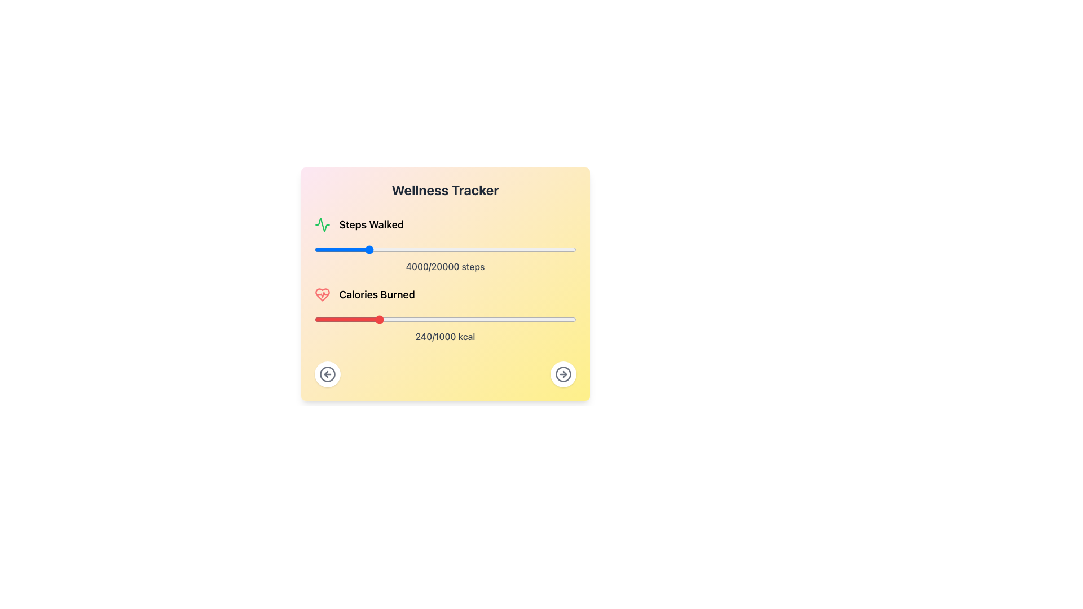 This screenshot has height=609, width=1083. Describe the element at coordinates (413, 249) in the screenshot. I see `the 'Steps Walked' slider` at that location.